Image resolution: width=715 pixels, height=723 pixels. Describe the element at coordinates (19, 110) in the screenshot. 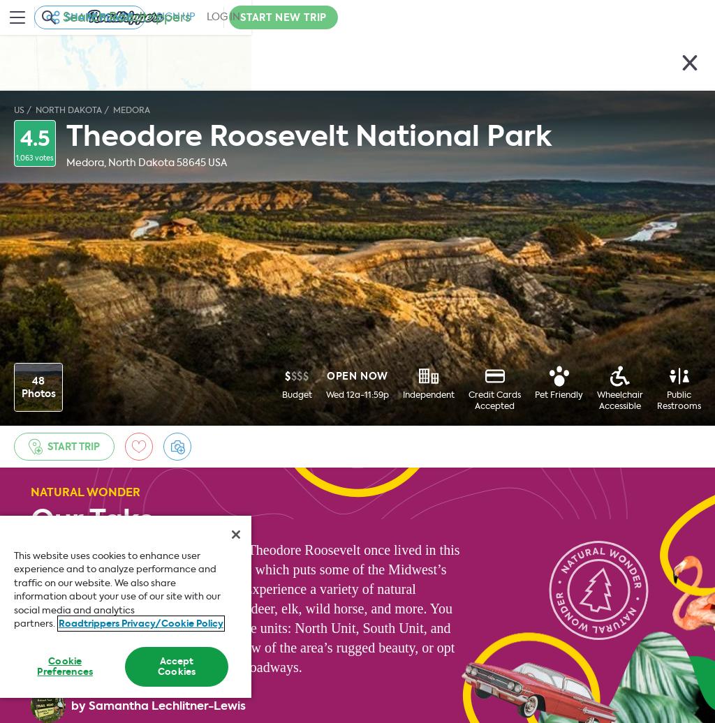

I see `'US'` at that location.